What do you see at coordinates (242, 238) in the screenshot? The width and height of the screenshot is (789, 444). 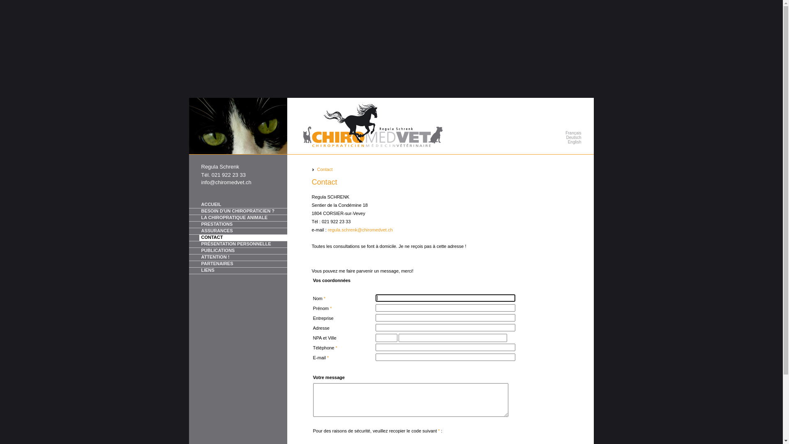 I see `'CONTACT'` at bounding box center [242, 238].